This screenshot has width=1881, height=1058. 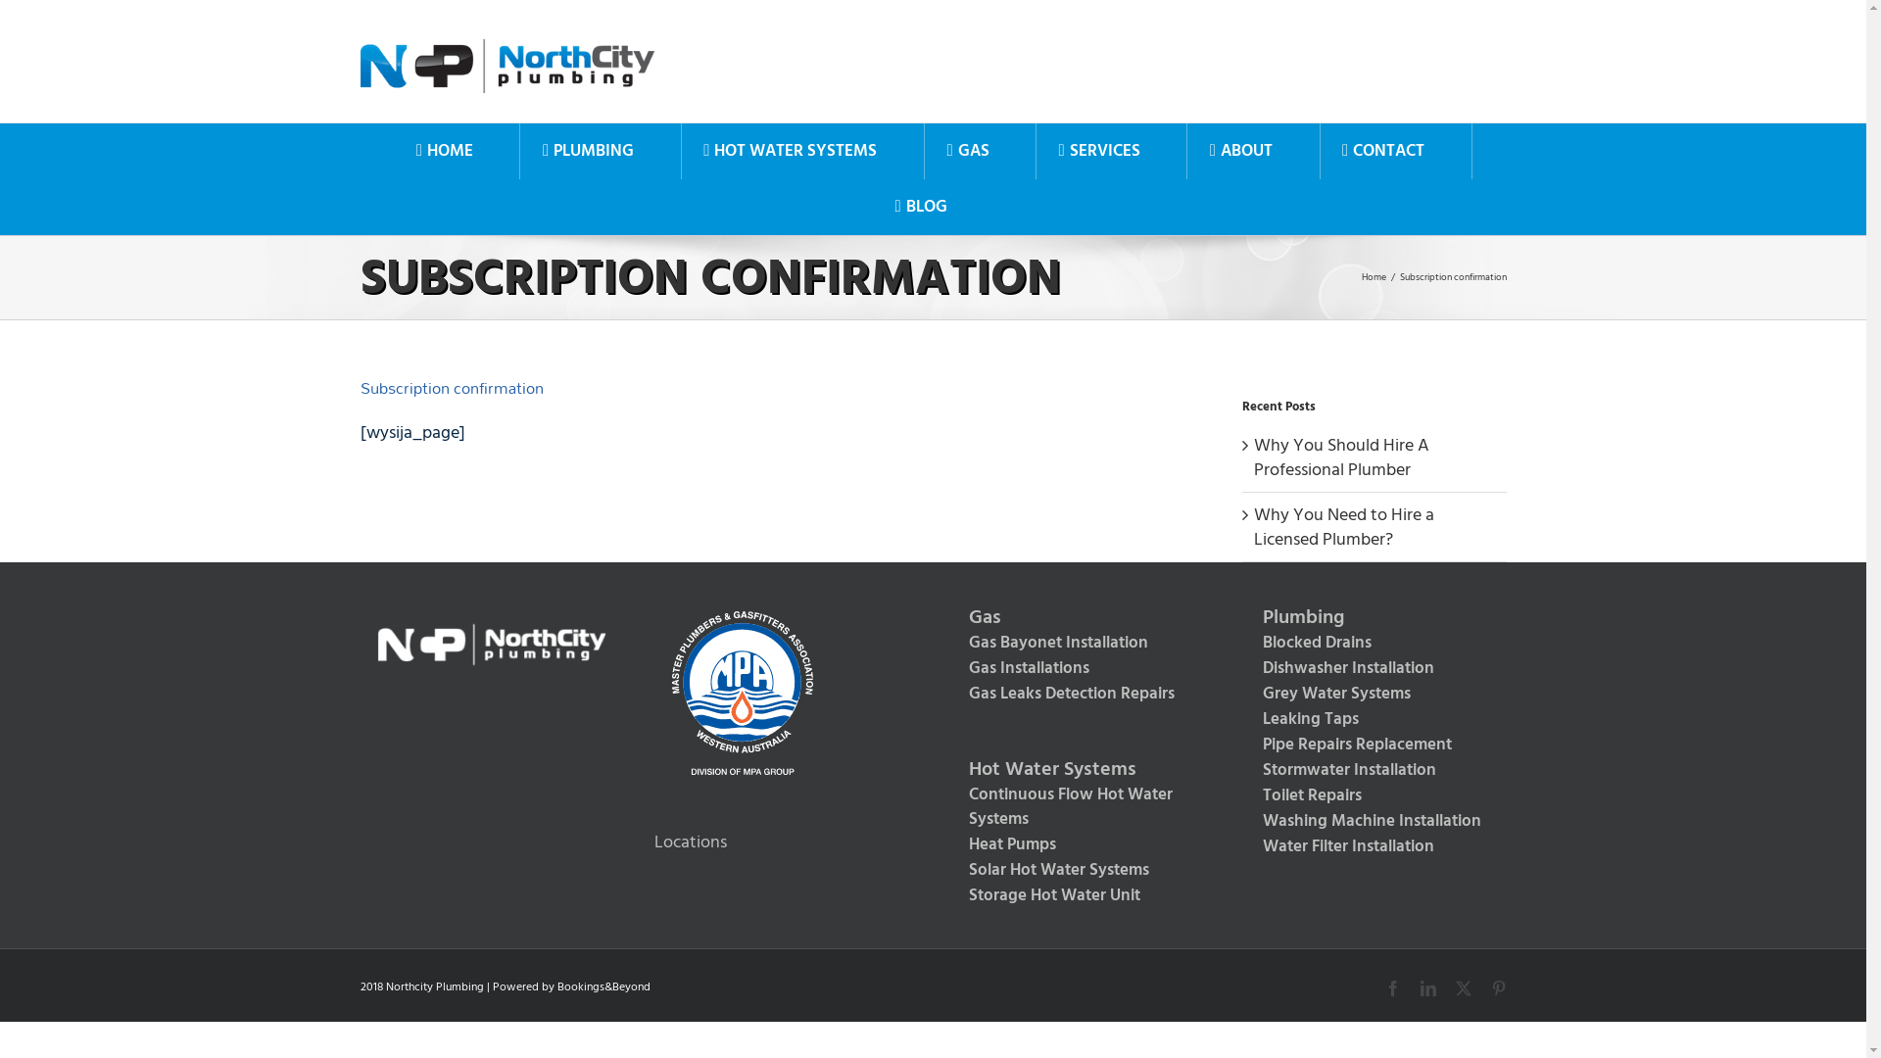 I want to click on 'PLUMBING', so click(x=587, y=150).